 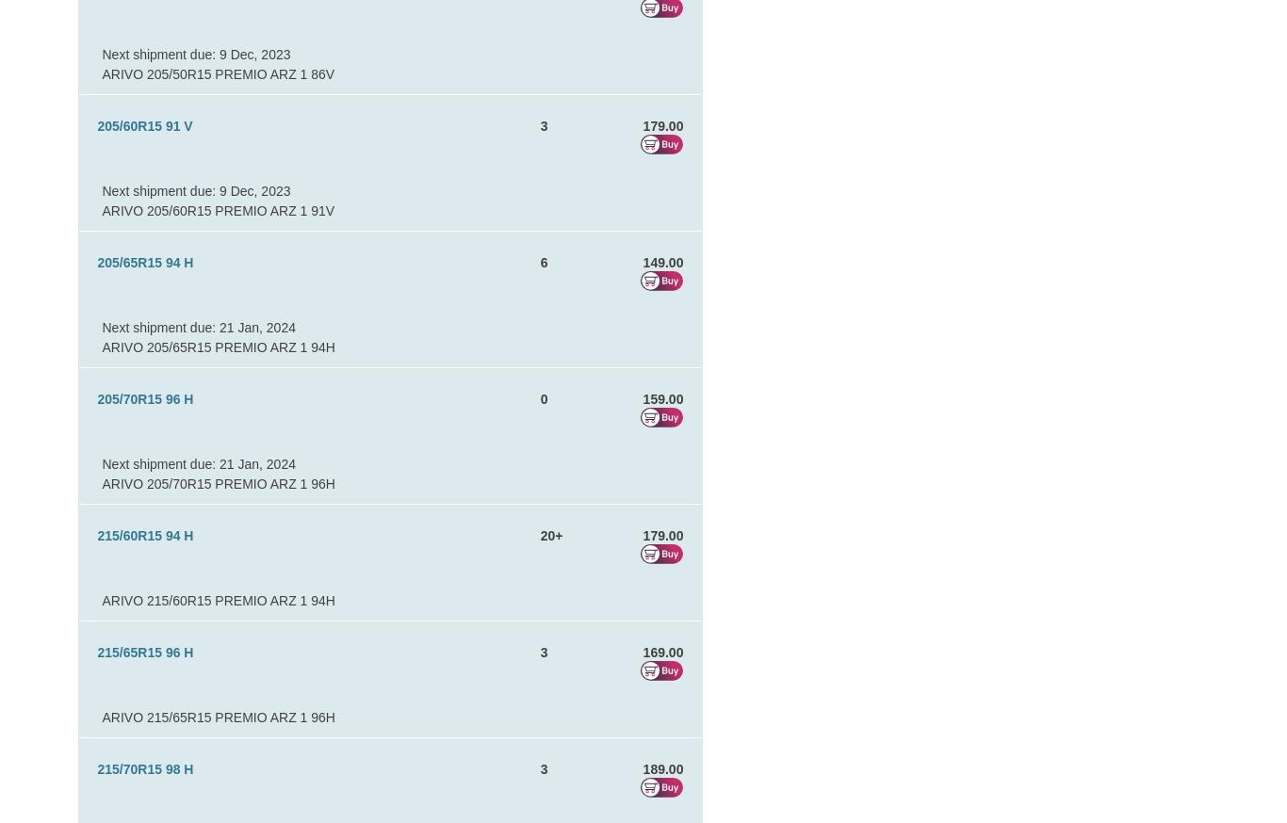 I want to click on '215/65R15 96 H', so click(x=96, y=652).